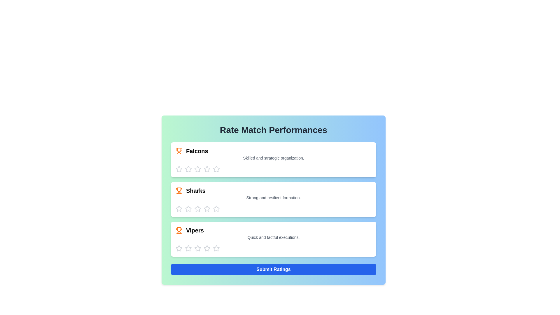 The image size is (560, 315). Describe the element at coordinates (216, 249) in the screenshot. I see `the Vipers team's 5 star to set the rating` at that location.